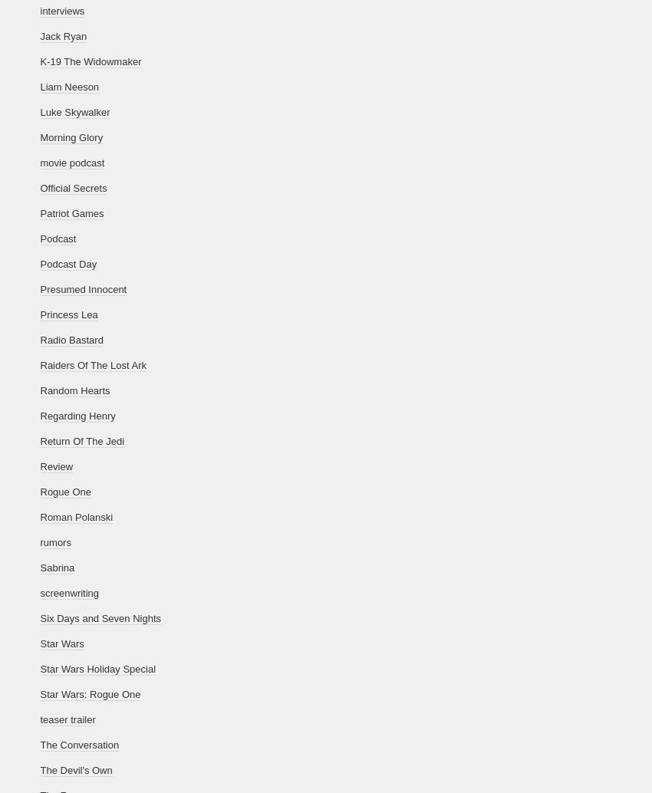 This screenshot has width=652, height=793. Describe the element at coordinates (76, 416) in the screenshot. I see `'Regarding Henry'` at that location.